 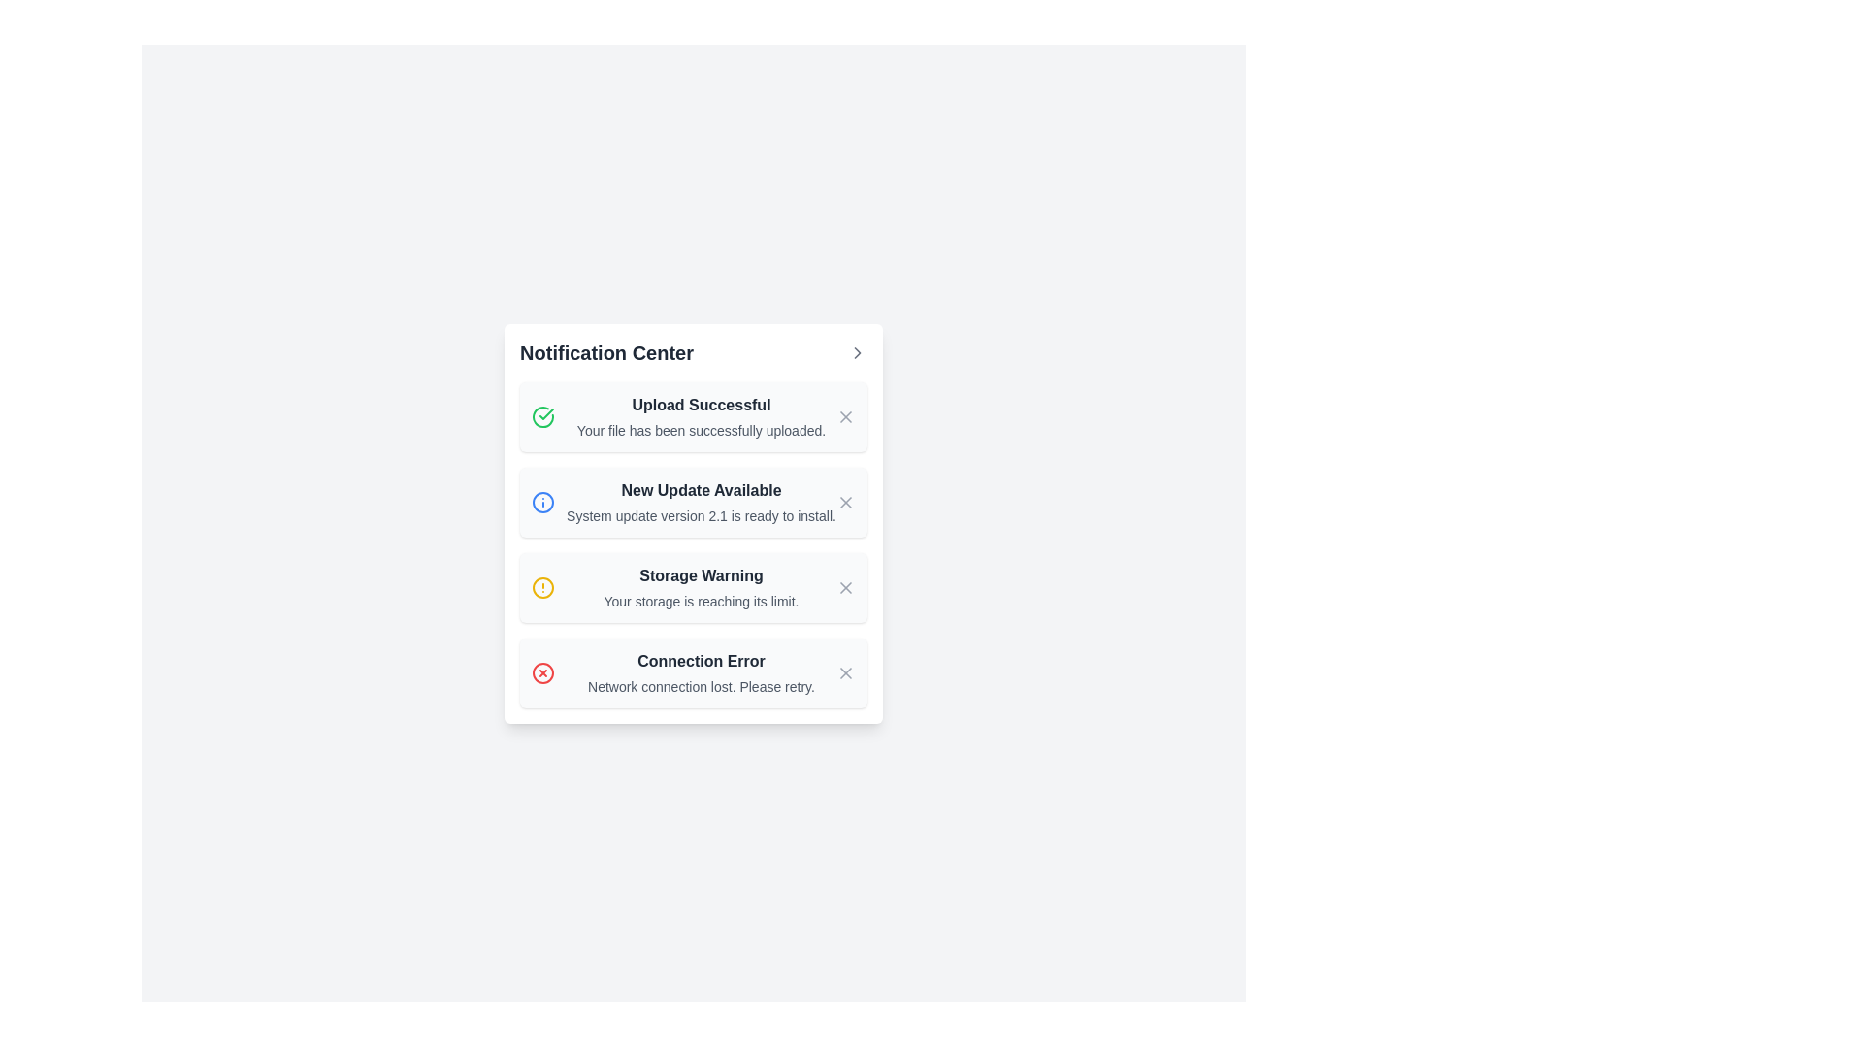 What do you see at coordinates (701, 660) in the screenshot?
I see `the text label displaying the title or main message of a notification related to connectivity issues, located in the bottom notification entry following other entries such as 'Upload Successful', 'New Update Available', and 'Storage Warning.'` at bounding box center [701, 660].